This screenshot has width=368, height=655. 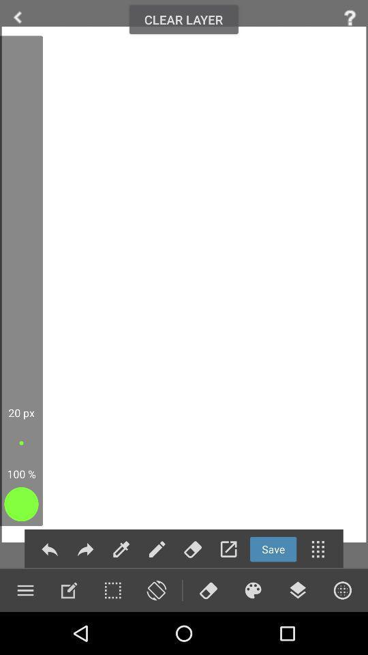 I want to click on draw, so click(x=68, y=589).